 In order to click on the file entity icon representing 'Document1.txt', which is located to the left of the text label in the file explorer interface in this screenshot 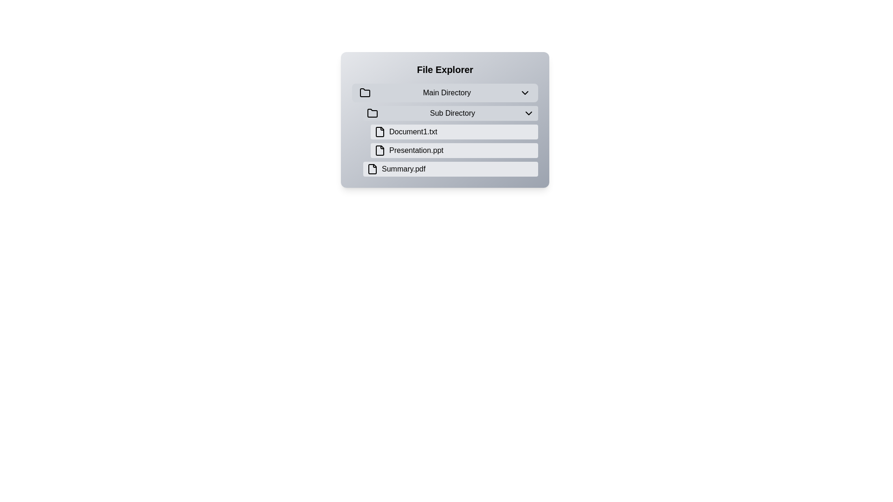, I will do `click(380, 132)`.